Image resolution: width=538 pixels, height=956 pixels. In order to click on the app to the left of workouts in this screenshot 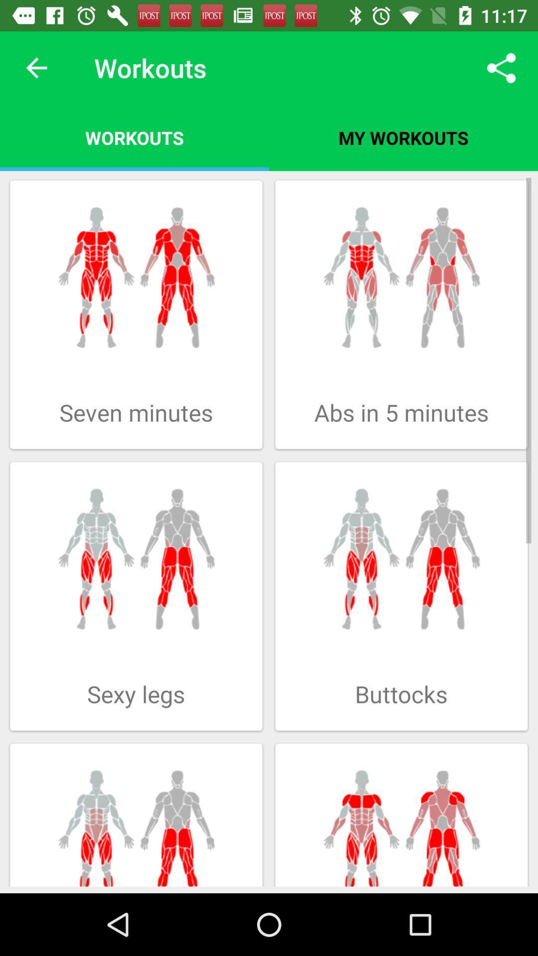, I will do `click(36, 67)`.